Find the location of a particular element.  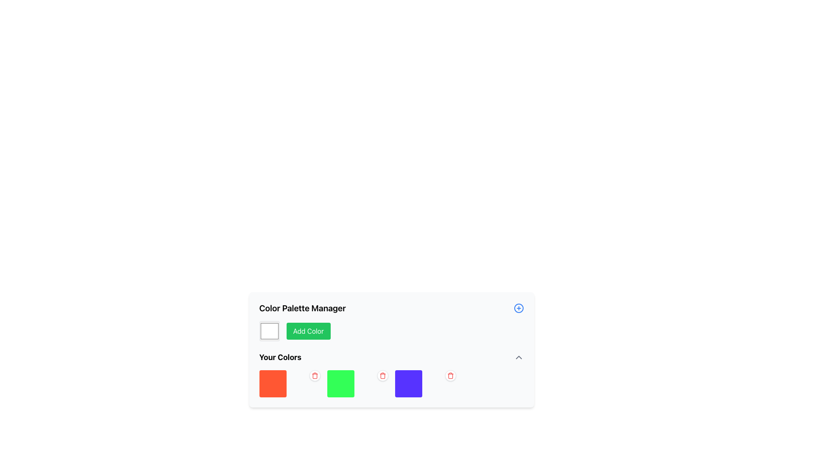

the circular border of the graphical plus icon located at the far right of the interface section, above the list of colored blocks and their delete icons is located at coordinates (518, 308).